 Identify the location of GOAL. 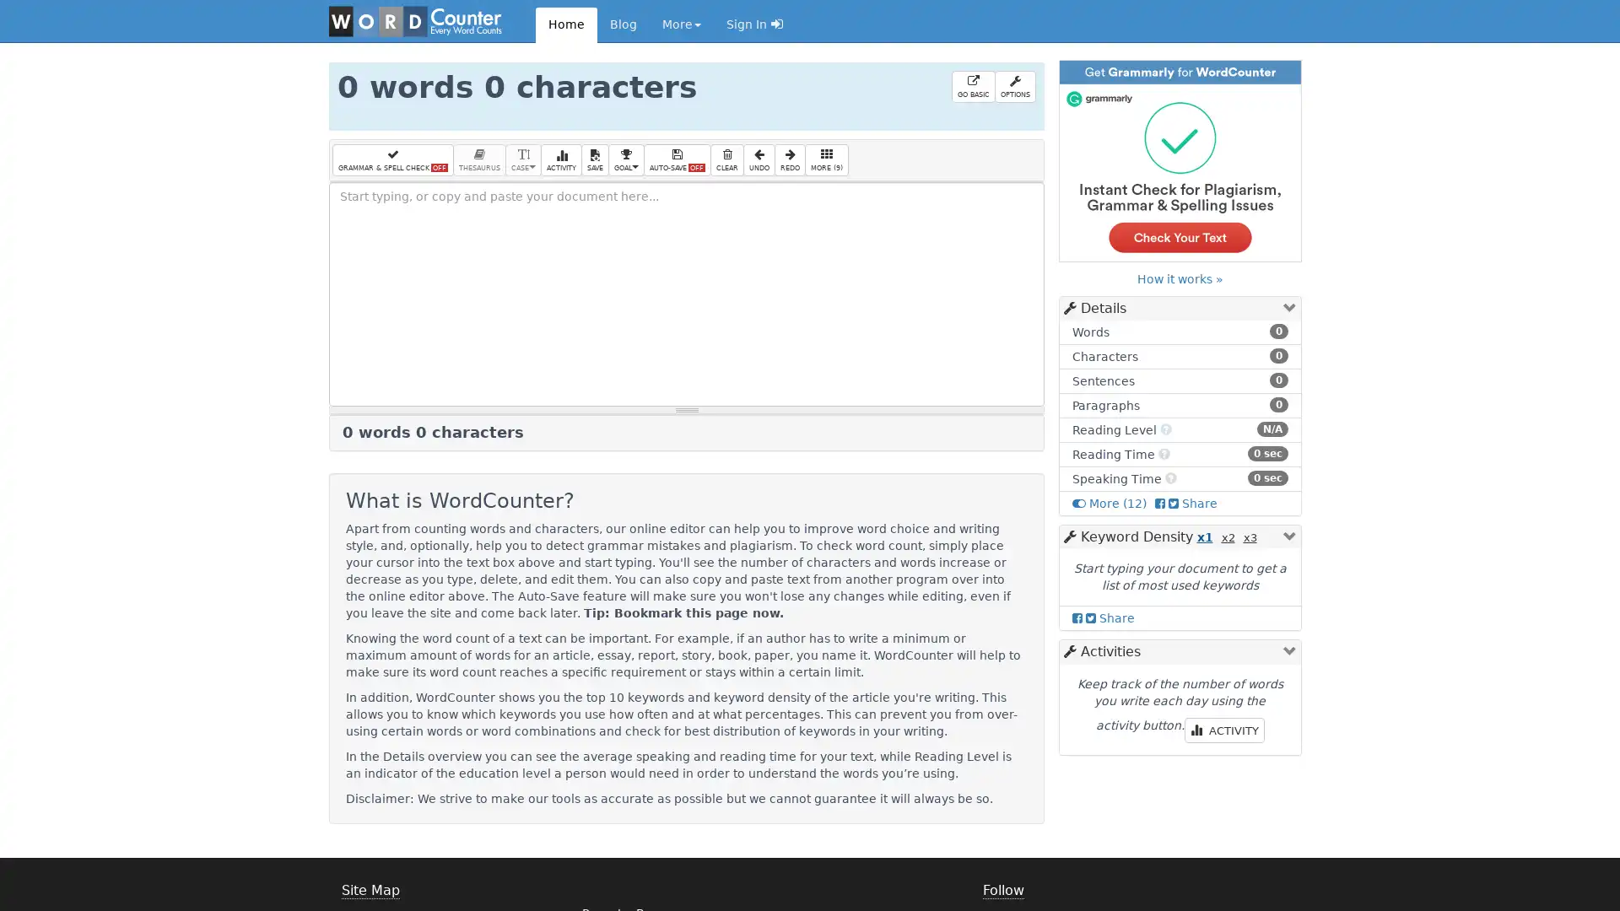
(625, 159).